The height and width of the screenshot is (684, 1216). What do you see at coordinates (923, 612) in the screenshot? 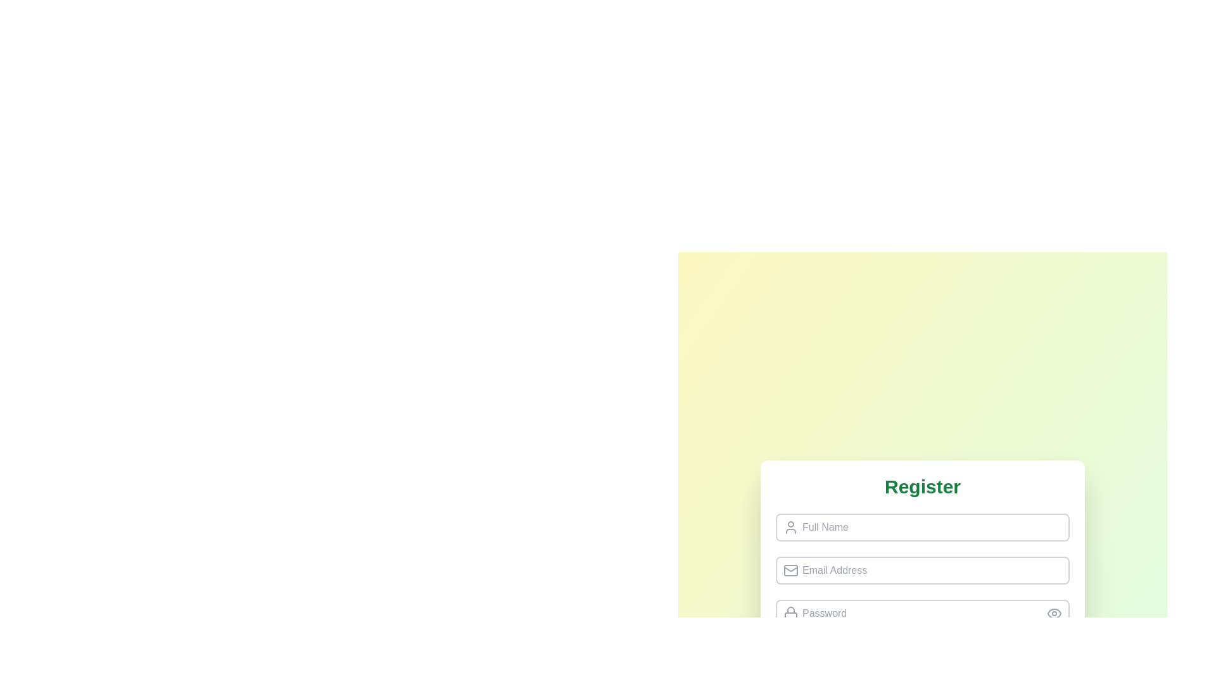
I see `the password input field labeled 'Password' in the 'Register' form` at bounding box center [923, 612].